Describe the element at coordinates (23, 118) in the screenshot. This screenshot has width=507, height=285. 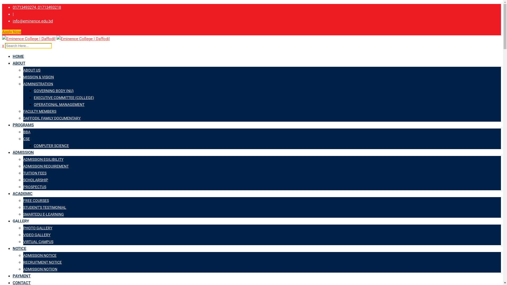
I see `'DAFFODIL FAMILY DOCUMENTARY'` at that location.